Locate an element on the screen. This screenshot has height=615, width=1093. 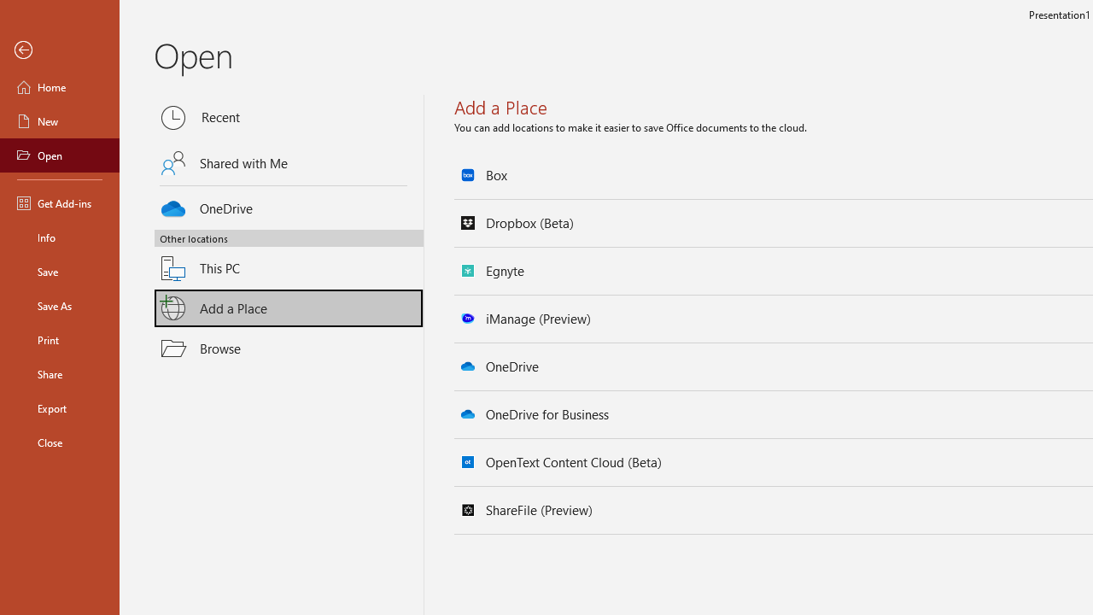
'Shared with Me' is located at coordinates (289, 163).